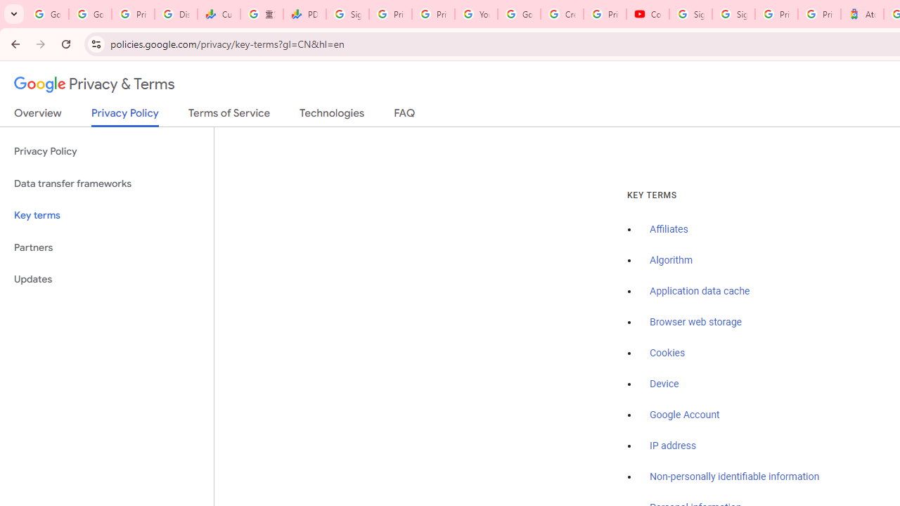 This screenshot has width=900, height=506. Describe the element at coordinates (647, 14) in the screenshot. I see `'Content Creator Programs & Opportunities - YouTube Creators'` at that location.